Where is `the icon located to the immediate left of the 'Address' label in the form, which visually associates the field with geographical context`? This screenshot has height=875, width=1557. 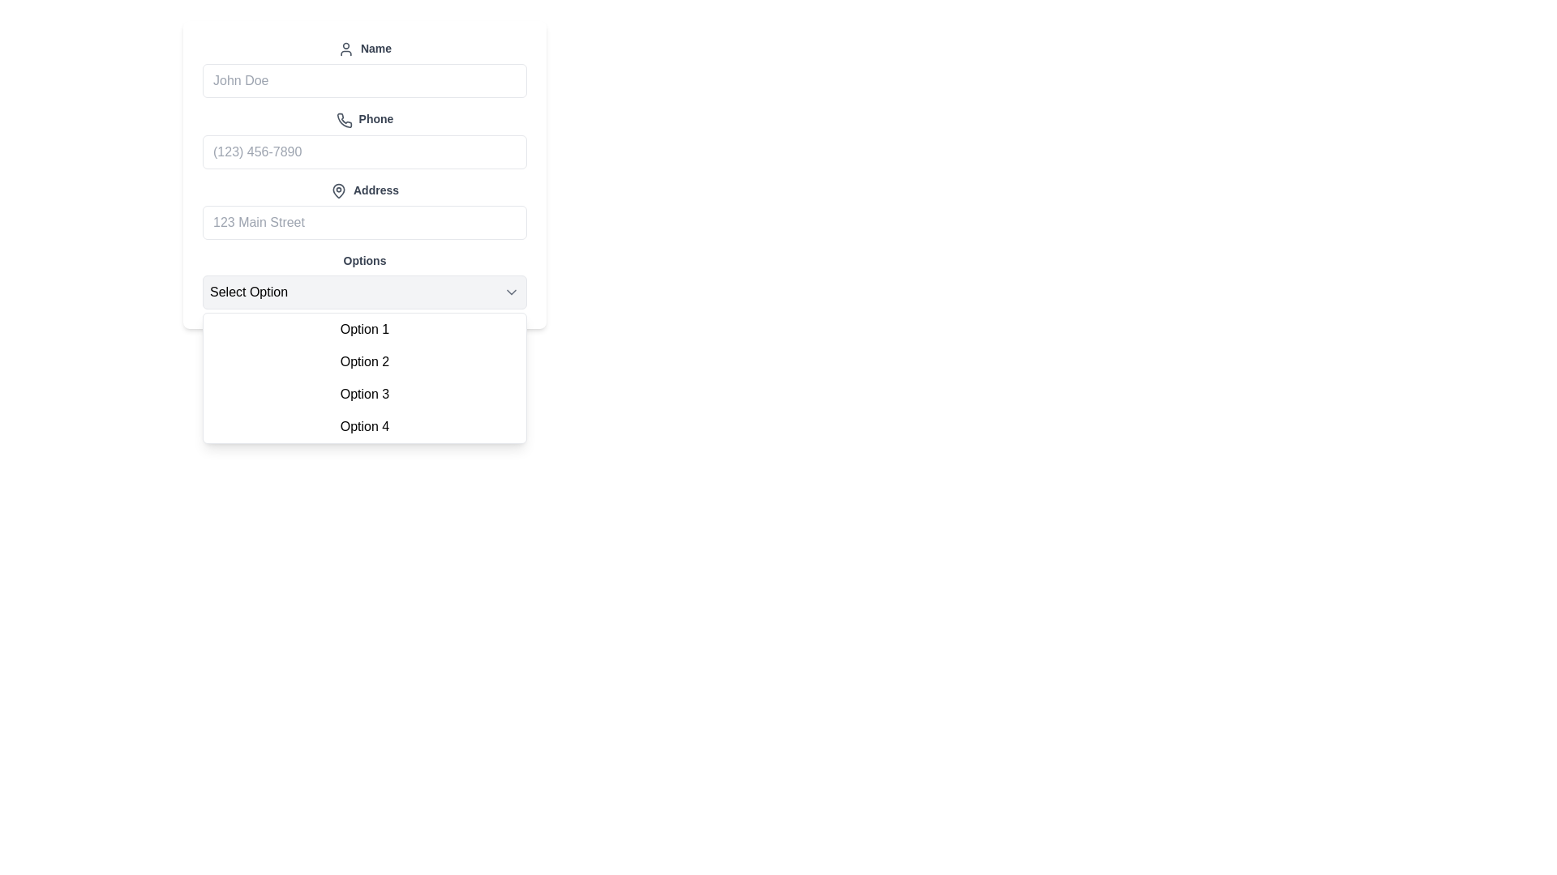 the icon located to the immediate left of the 'Address' label in the form, which visually associates the field with geographical context is located at coordinates (337, 190).